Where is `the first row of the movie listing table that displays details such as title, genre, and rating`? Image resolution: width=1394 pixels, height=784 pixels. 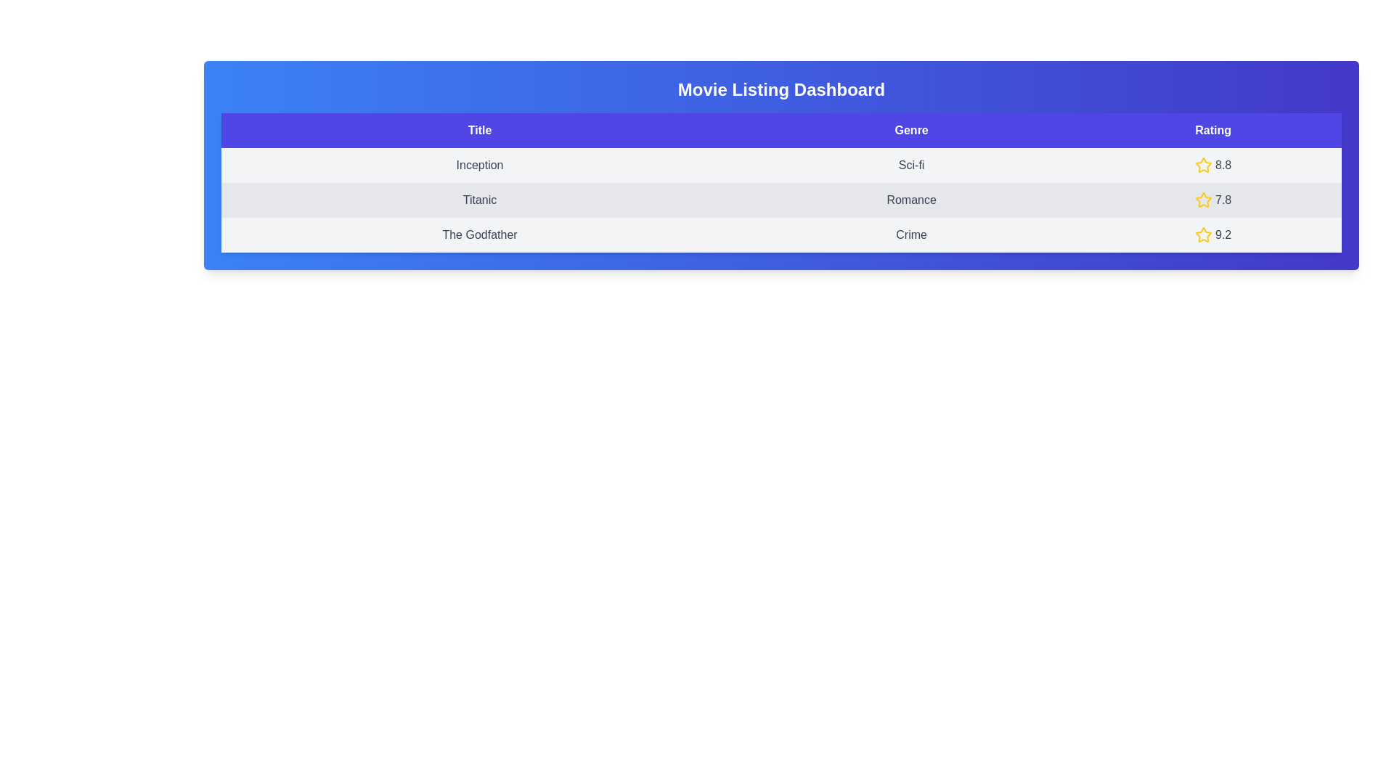 the first row of the movie listing table that displays details such as title, genre, and rating is located at coordinates (780, 164).